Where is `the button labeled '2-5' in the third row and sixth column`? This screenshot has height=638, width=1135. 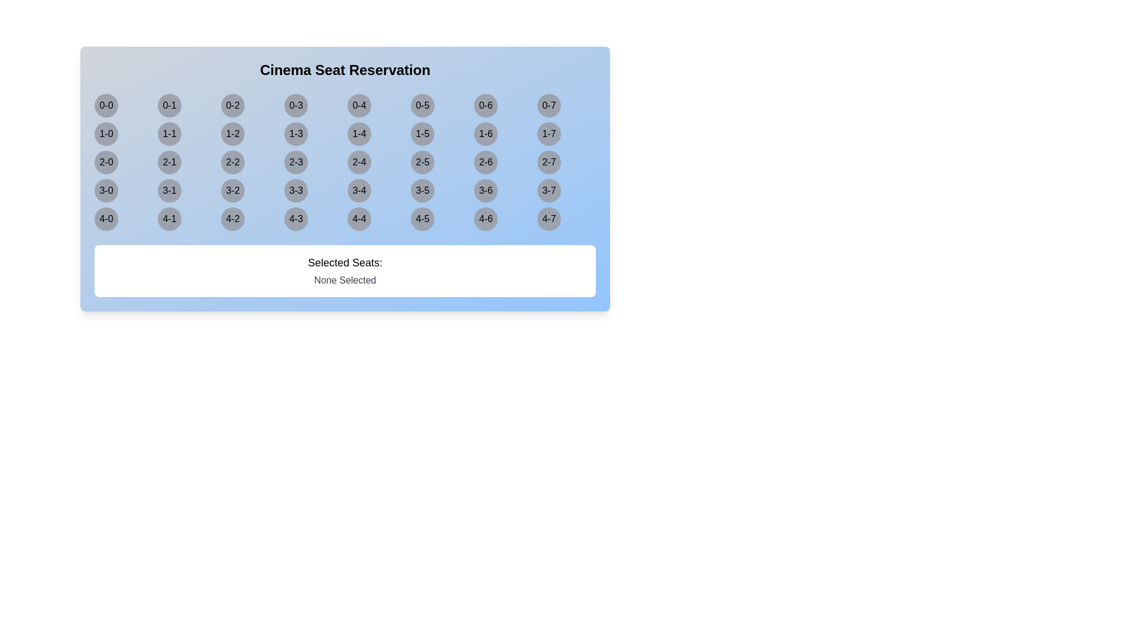
the button labeled '2-5' in the third row and sixth column is located at coordinates (423, 162).